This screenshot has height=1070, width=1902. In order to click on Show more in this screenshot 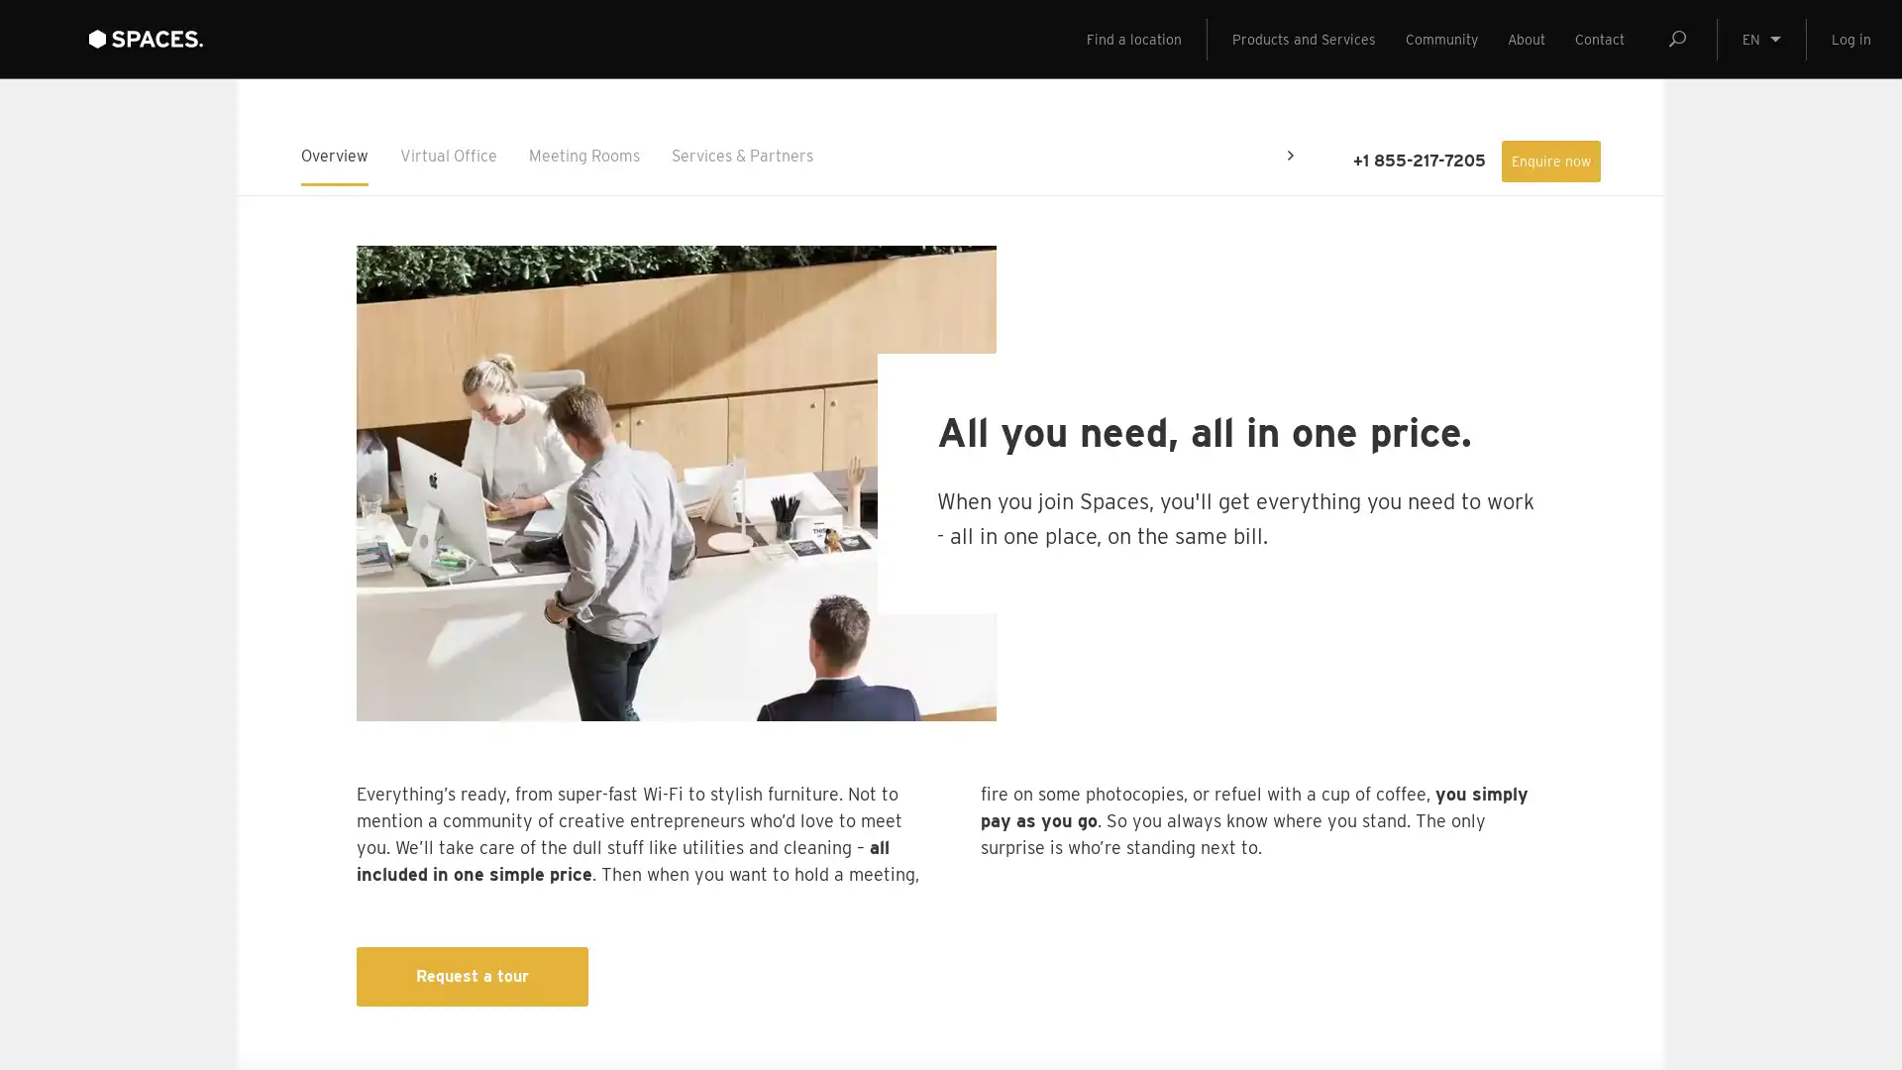, I will do `click(488, 909)`.